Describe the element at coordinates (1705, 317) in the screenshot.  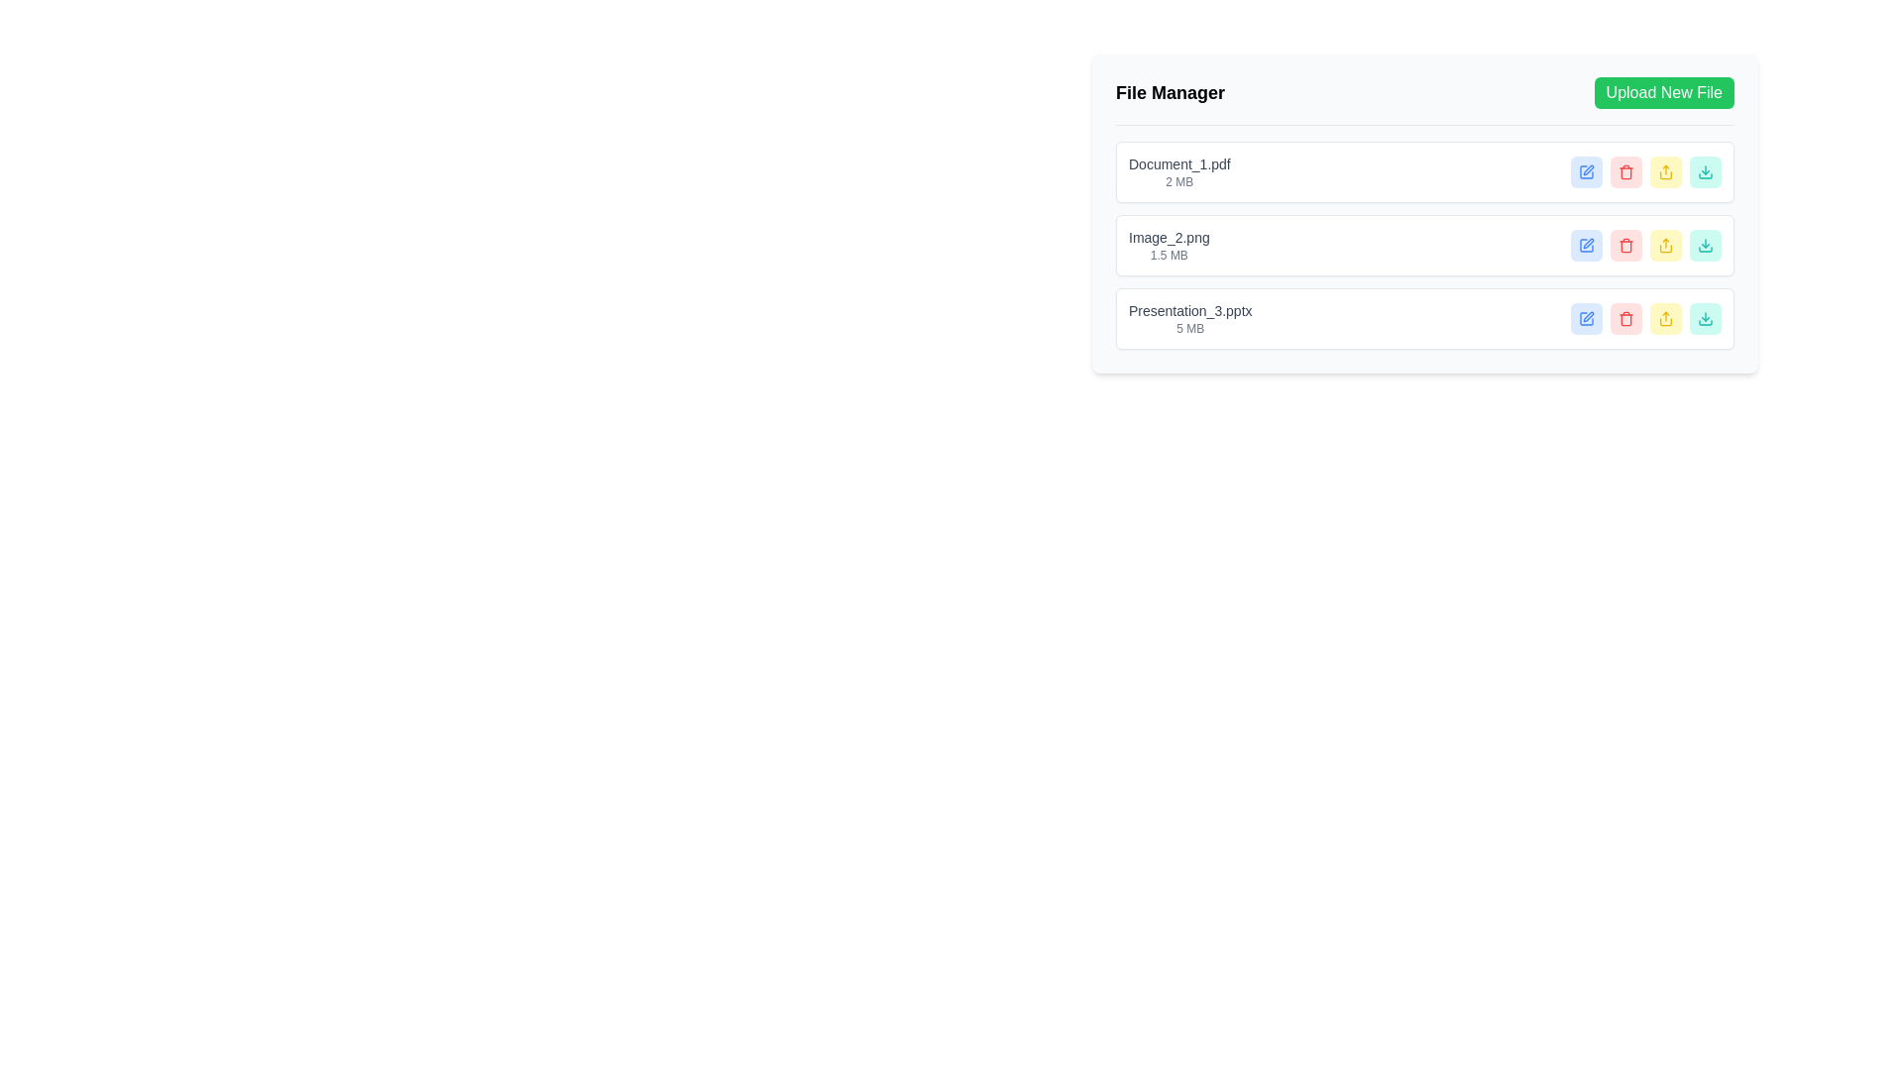
I see `the teal download SVG icon located inside the rightmost button of the last row in the file manager table to initiate the file download` at that location.